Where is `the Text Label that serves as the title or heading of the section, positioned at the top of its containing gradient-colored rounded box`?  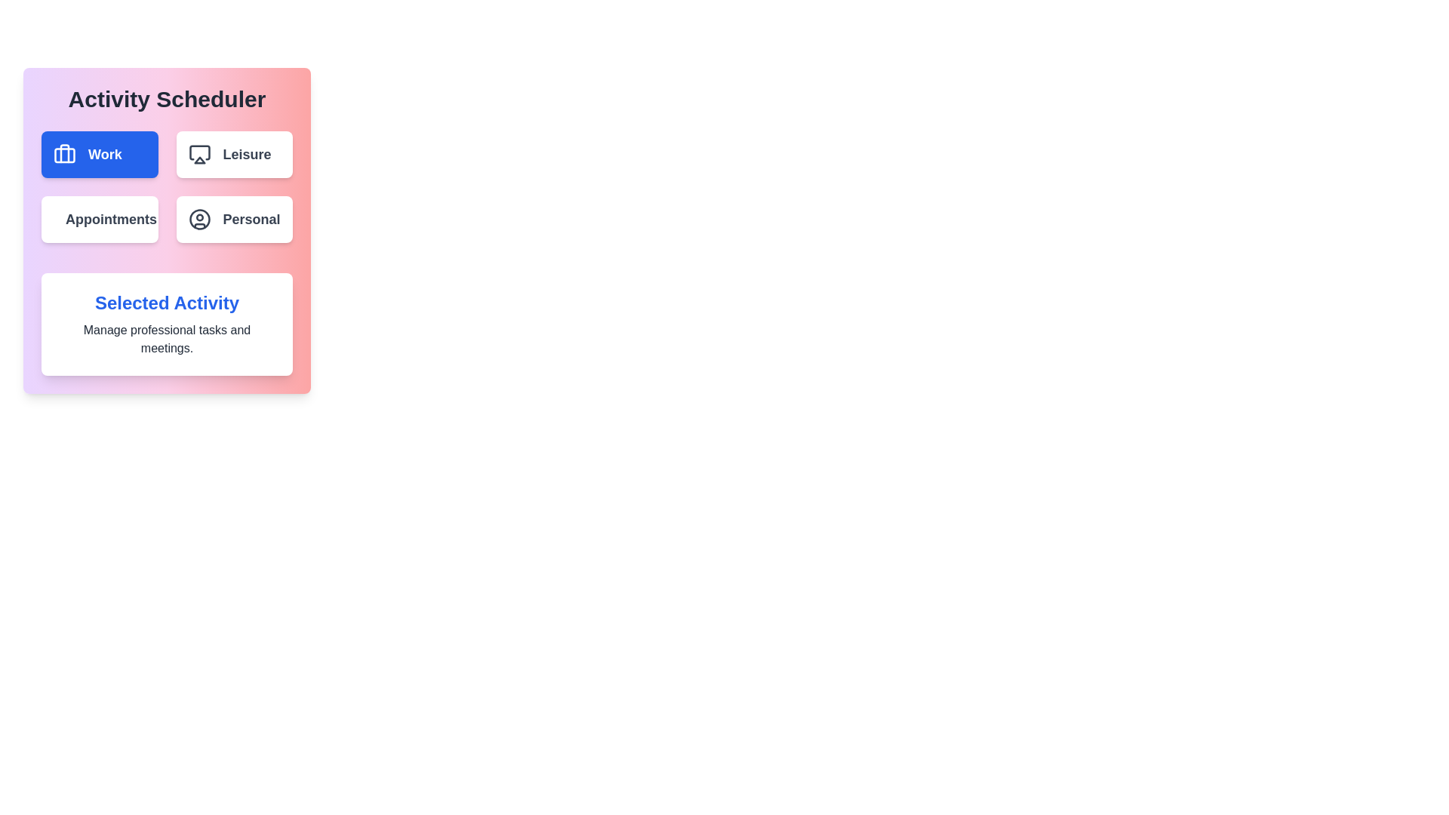
the Text Label that serves as the title or heading of the section, positioned at the top of its containing gradient-colored rounded box is located at coordinates (167, 99).